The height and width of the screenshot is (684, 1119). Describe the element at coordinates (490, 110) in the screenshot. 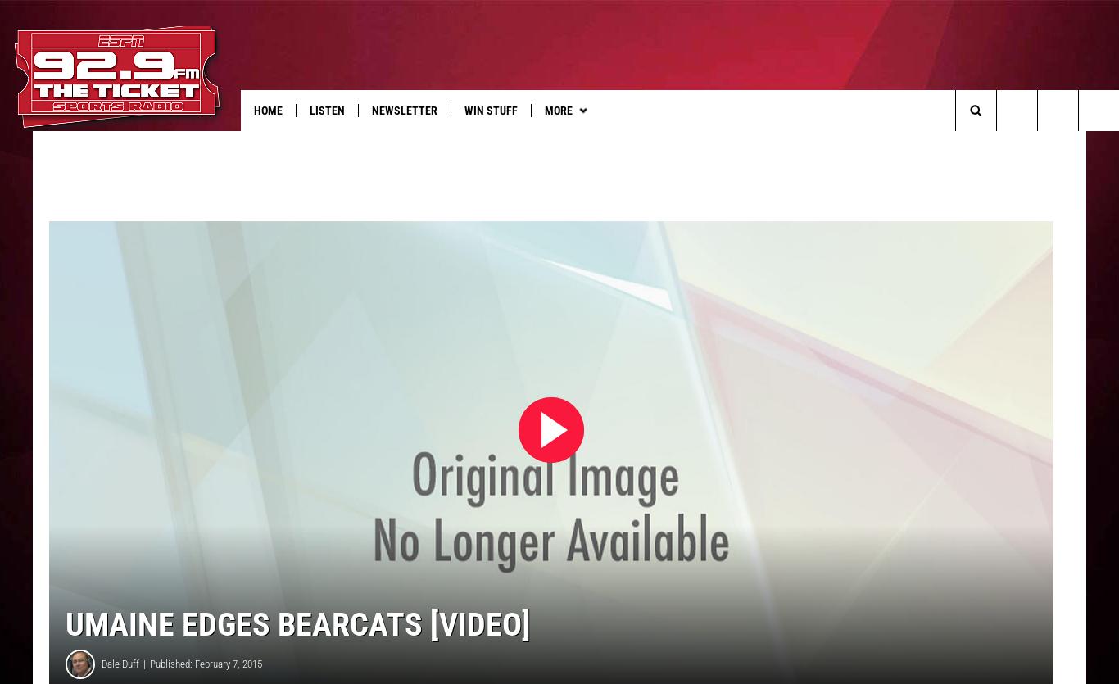

I see `'Win Stuff'` at that location.